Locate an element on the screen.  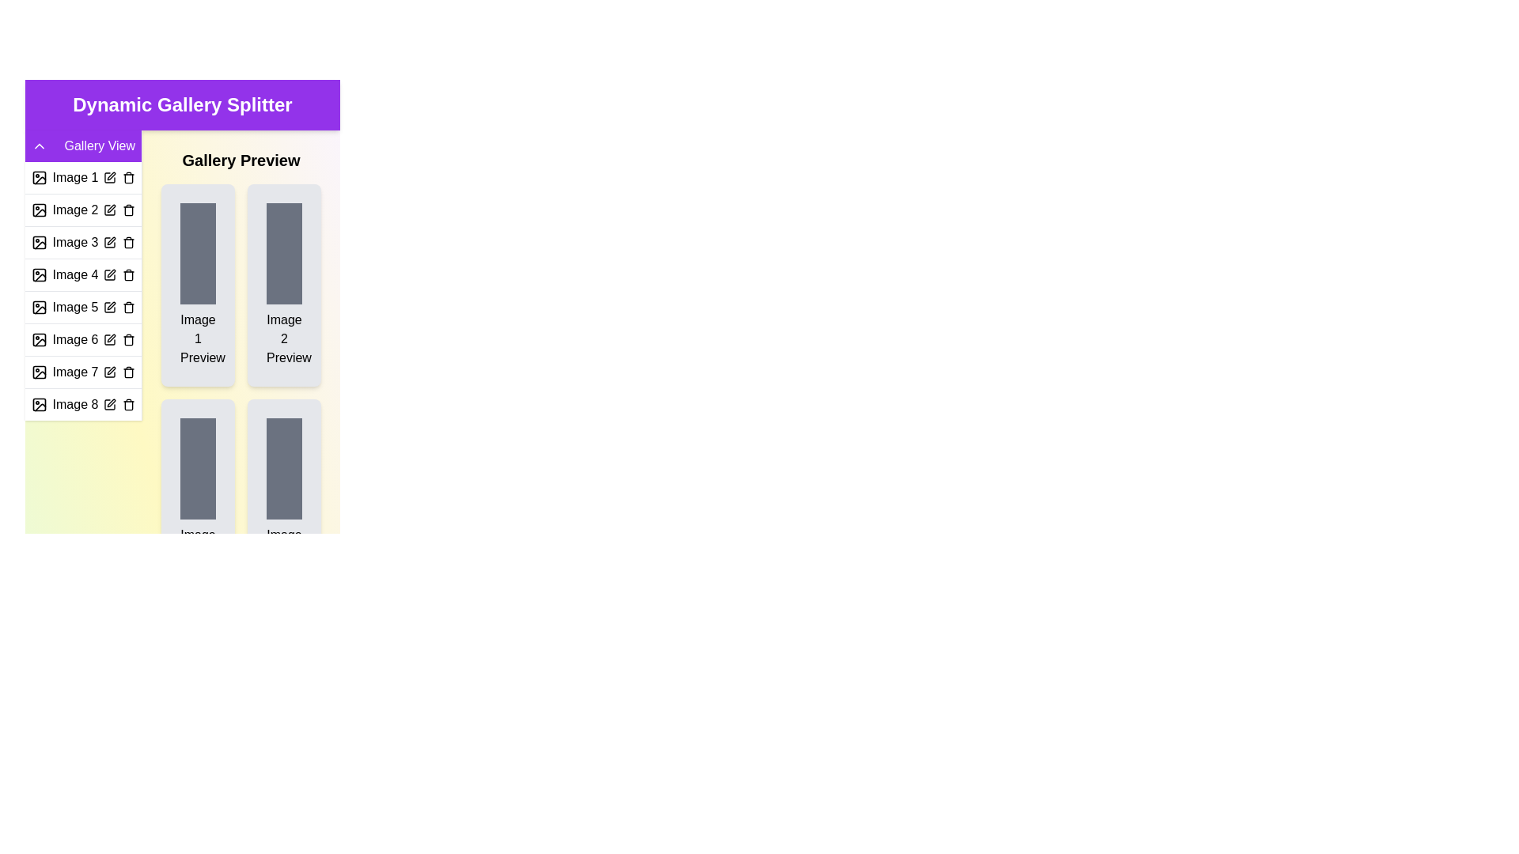
the edit button icon, which is a square-shaped icon with a pen overlaid on its top-right corner, located to the right of the 'Image 7' text label is located at coordinates (109, 372).